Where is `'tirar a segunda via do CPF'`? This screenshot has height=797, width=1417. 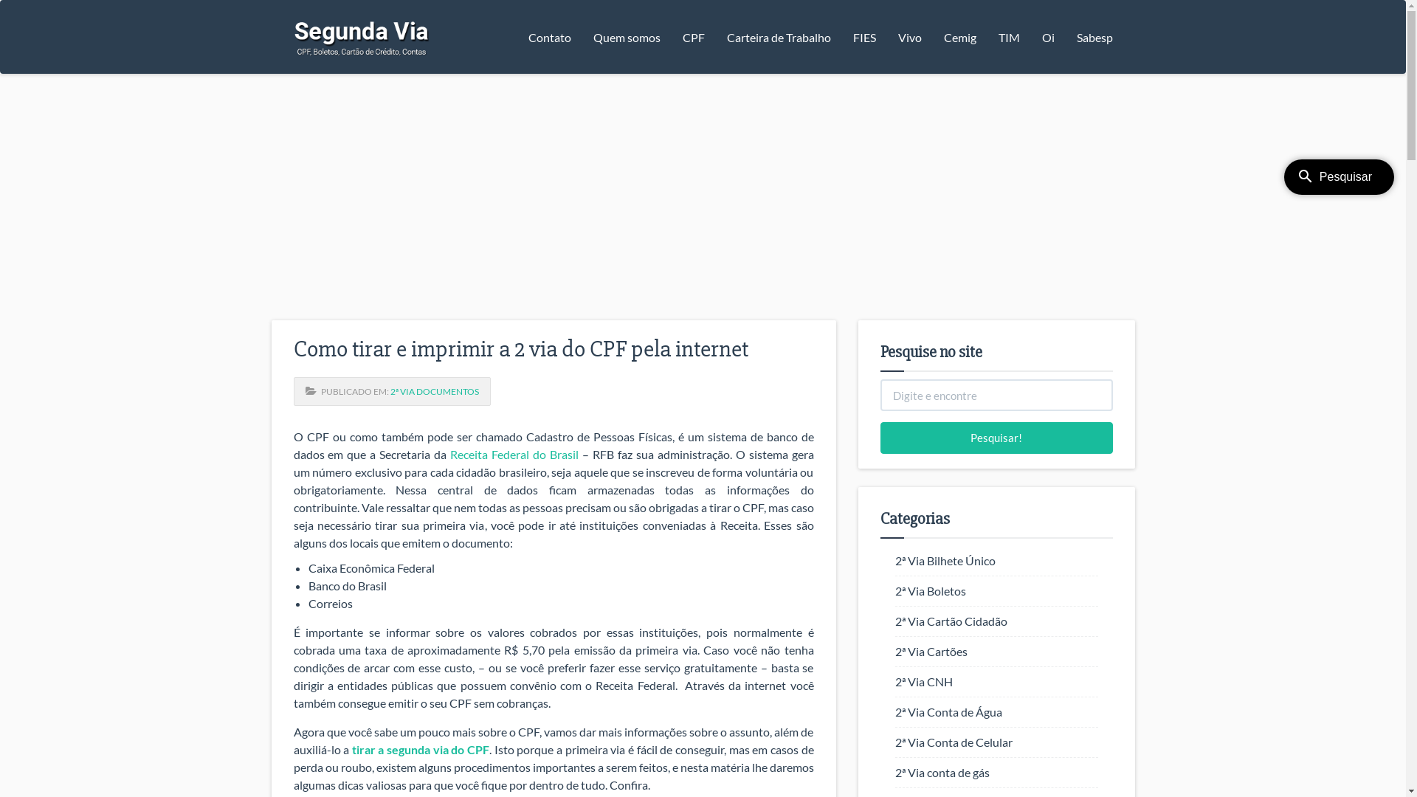 'tirar a segunda via do CPF' is located at coordinates (351, 749).